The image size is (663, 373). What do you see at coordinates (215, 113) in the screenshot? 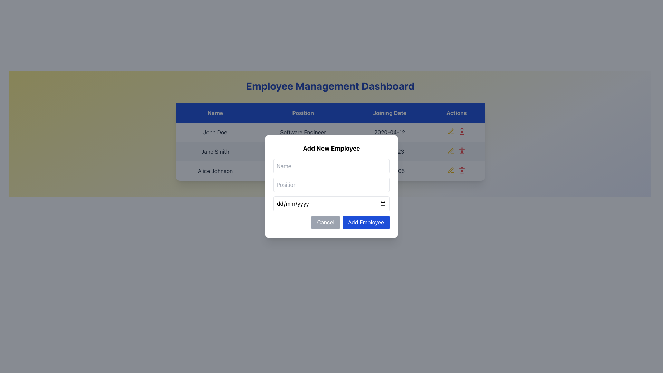
I see `text from the 'Name' label, which is the first column header in a table with a bold blue background` at bounding box center [215, 113].